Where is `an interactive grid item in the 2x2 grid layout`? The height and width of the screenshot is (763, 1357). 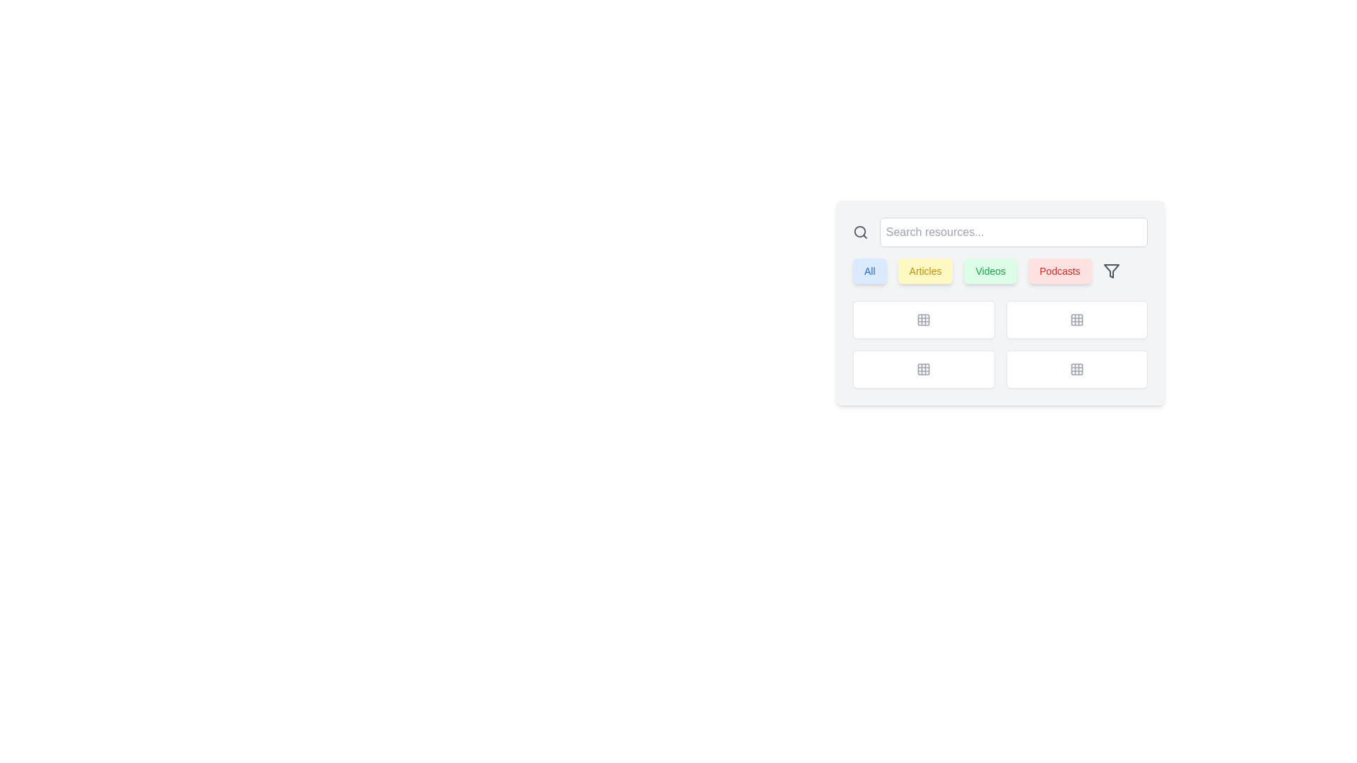 an interactive grid item in the 2x2 grid layout is located at coordinates (999, 345).